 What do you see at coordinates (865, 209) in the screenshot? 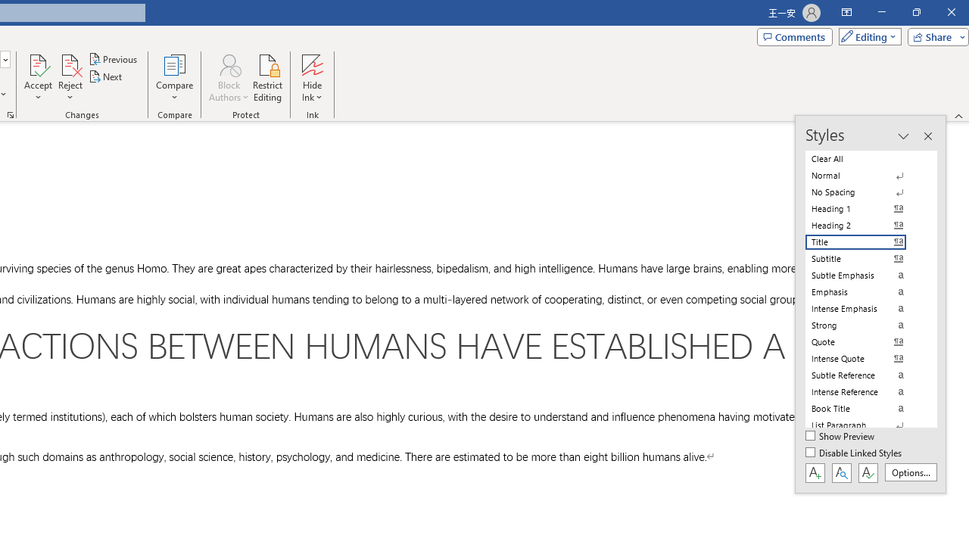
I see `'Heading 1'` at bounding box center [865, 209].